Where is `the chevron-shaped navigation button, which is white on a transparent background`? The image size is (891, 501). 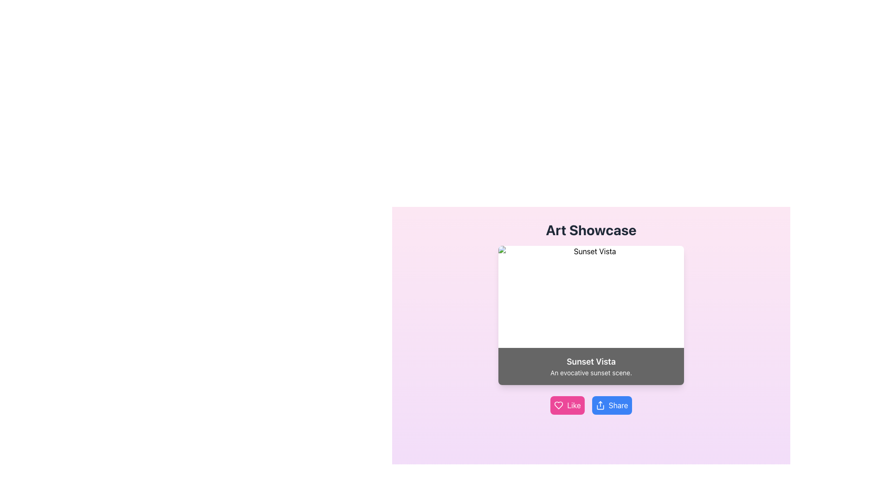
the chevron-shaped navigation button, which is white on a transparent background is located at coordinates (512, 315).